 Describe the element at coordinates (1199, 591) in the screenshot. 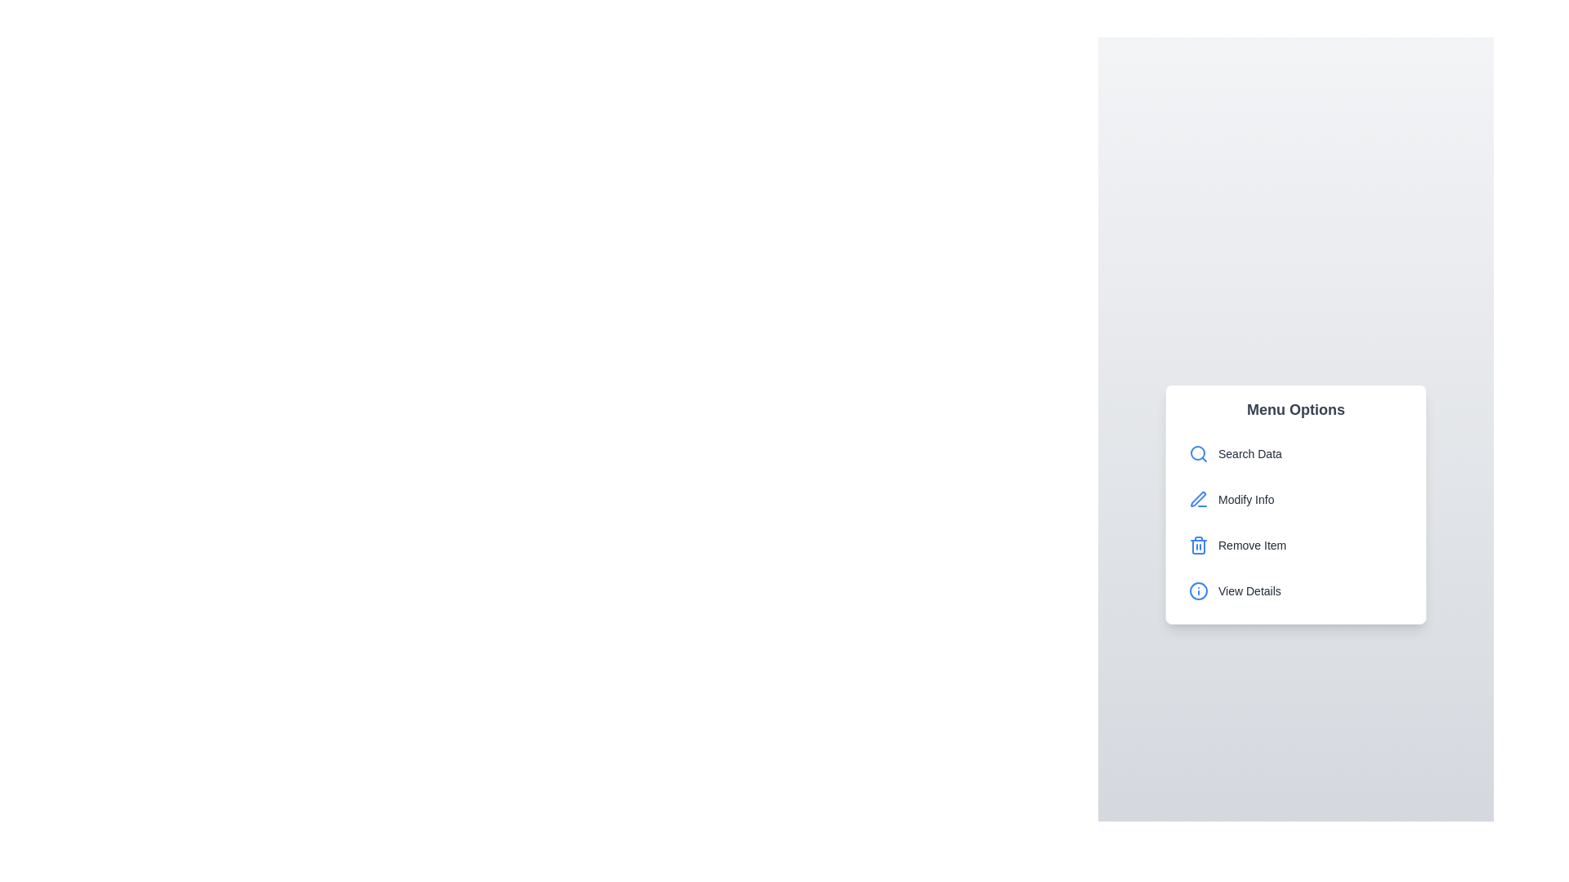

I see `the icon positioned in the fourth entry of the 'Menu Options' vertical menu, adjacent to the 'View Details' text` at that location.